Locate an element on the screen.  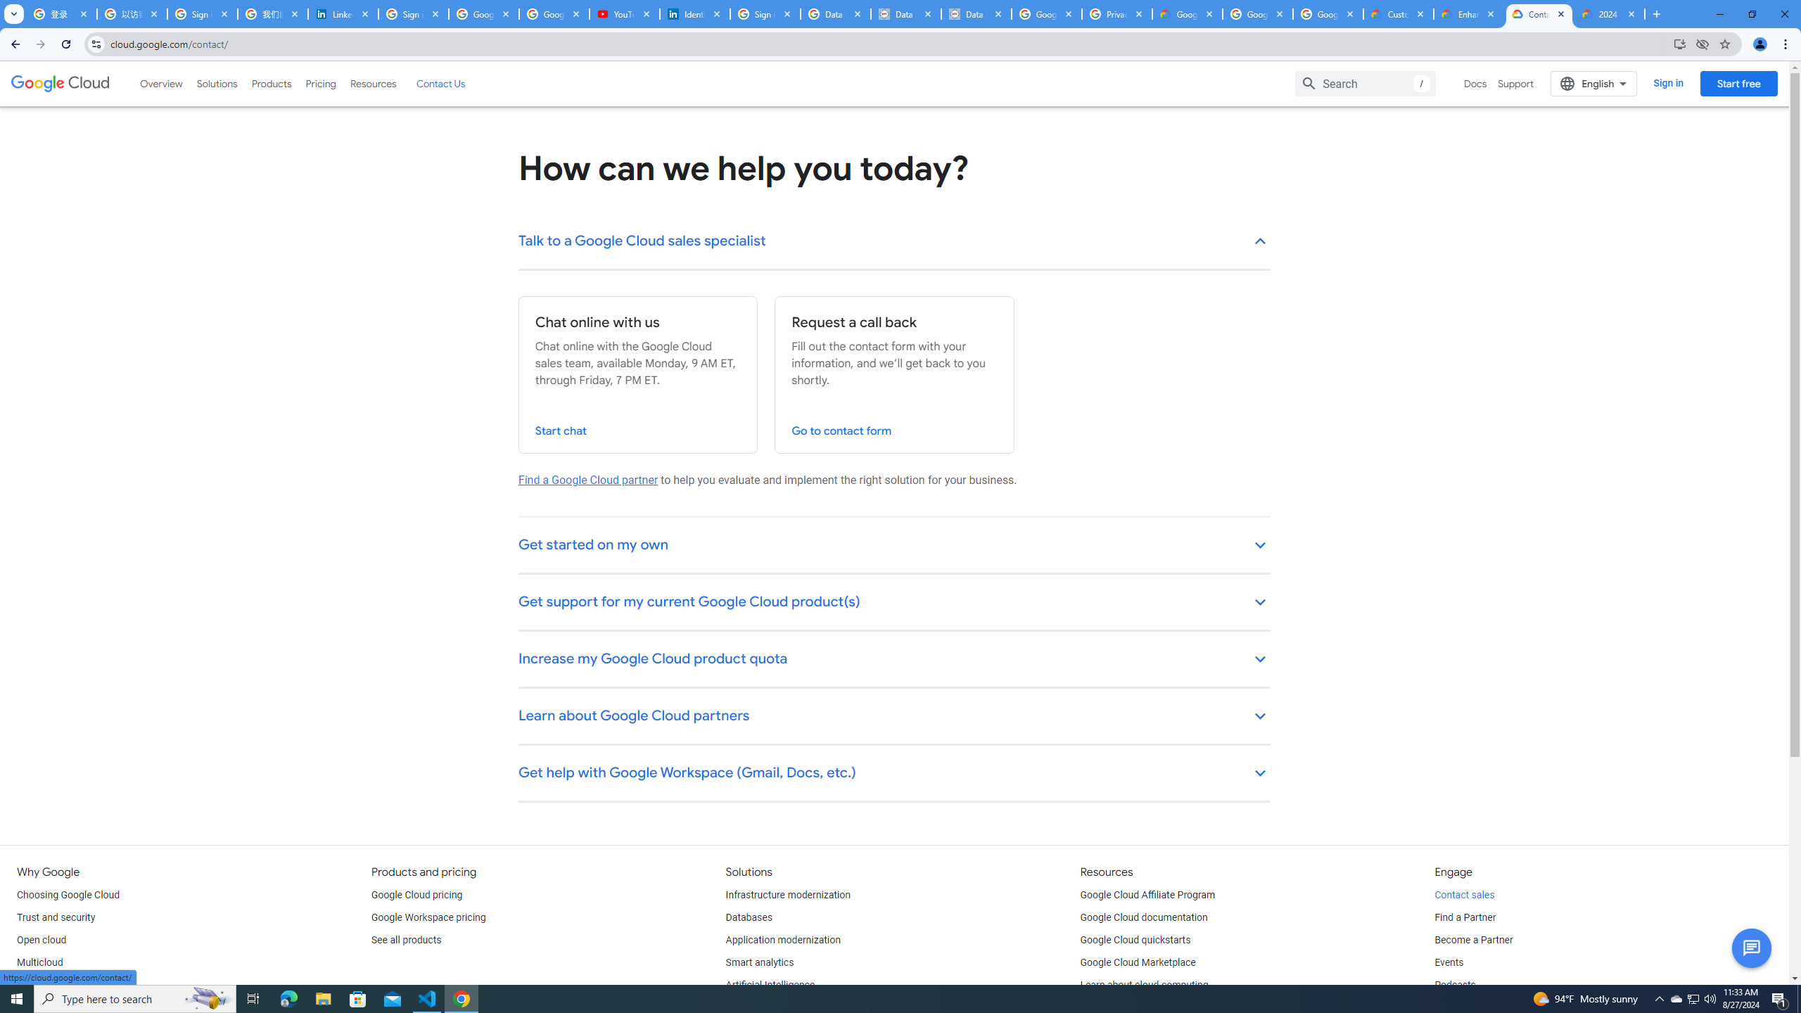
'Find a Partner' is located at coordinates (1465, 917).